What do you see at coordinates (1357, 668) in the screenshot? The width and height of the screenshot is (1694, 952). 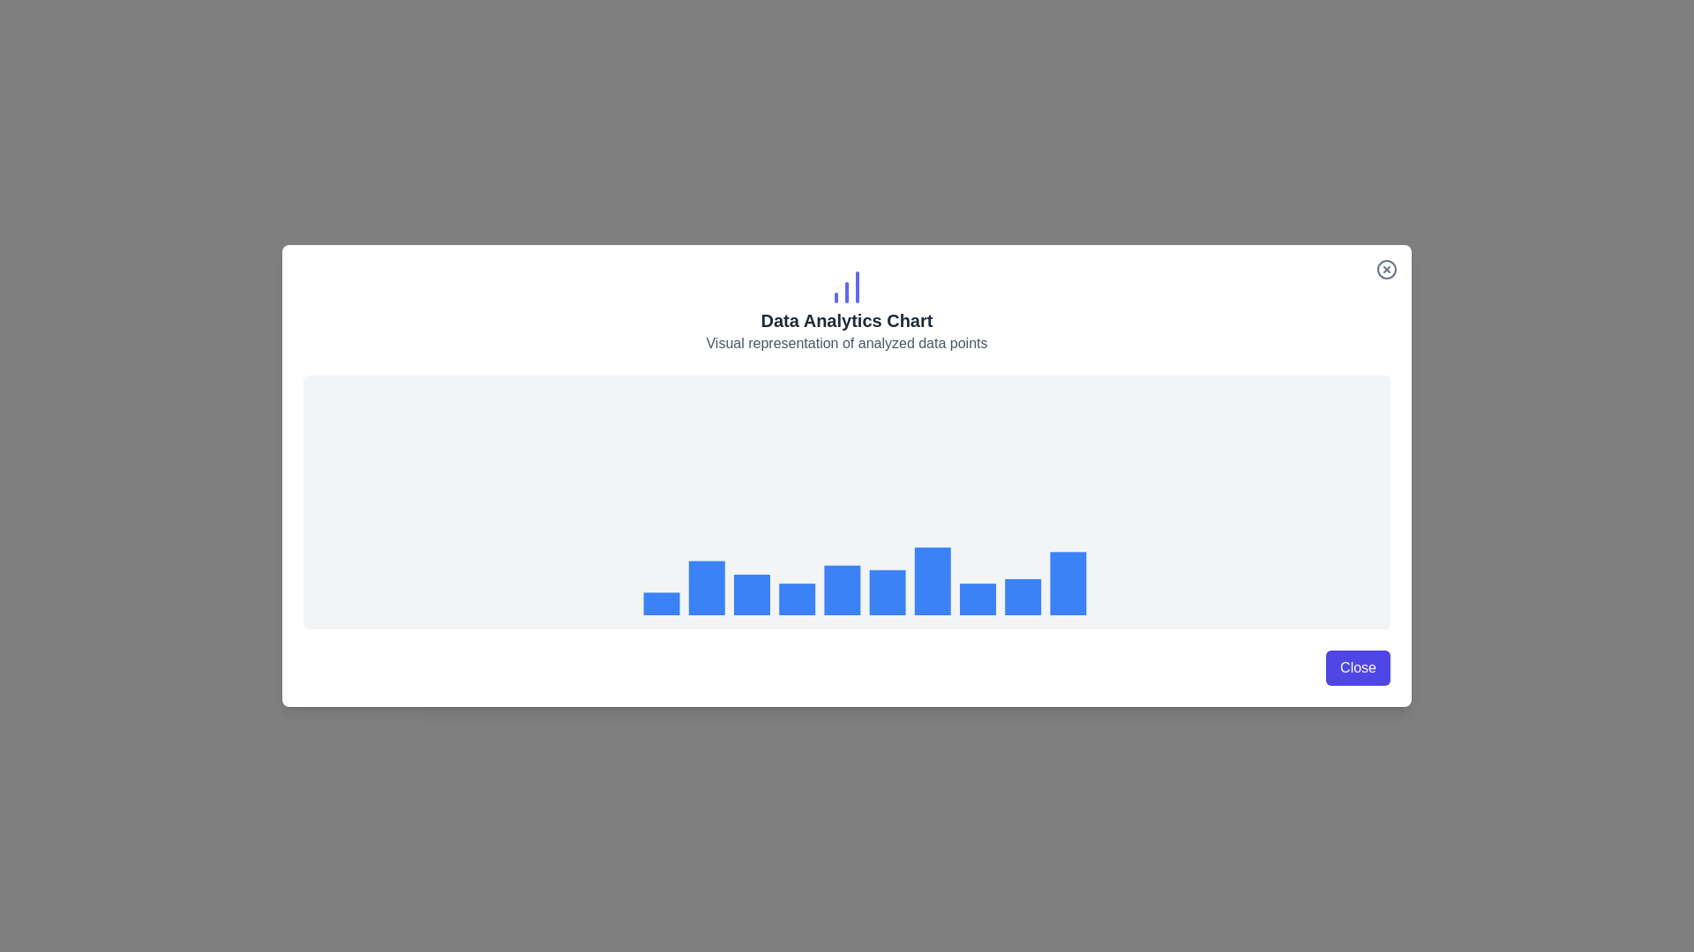 I see `the 'Close' button at the bottom of the dialog to close it` at bounding box center [1357, 668].